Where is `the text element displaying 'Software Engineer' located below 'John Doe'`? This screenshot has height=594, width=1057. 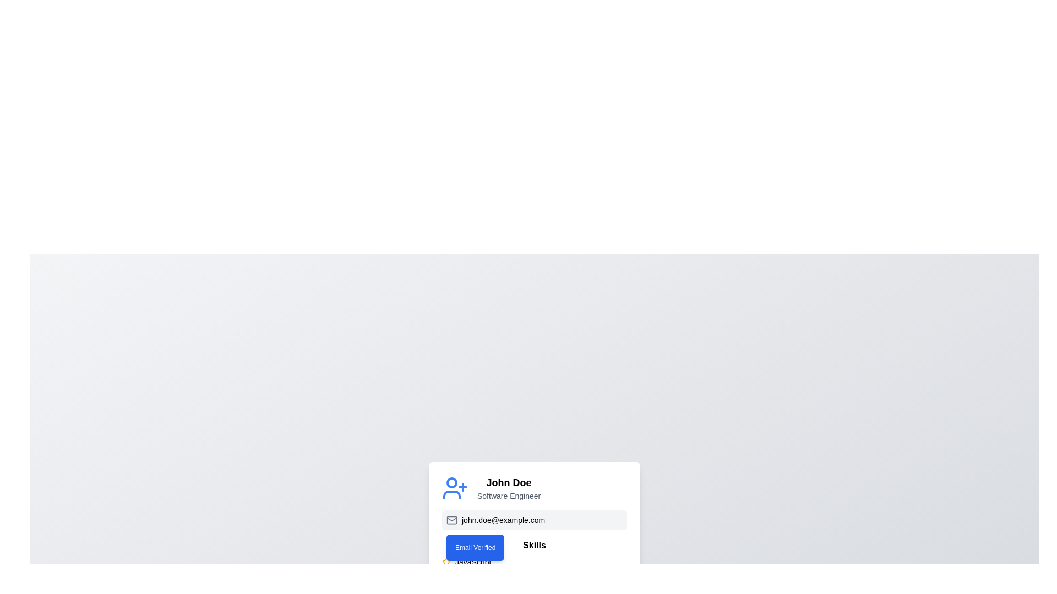 the text element displaying 'Software Engineer' located below 'John Doe' is located at coordinates (508, 496).